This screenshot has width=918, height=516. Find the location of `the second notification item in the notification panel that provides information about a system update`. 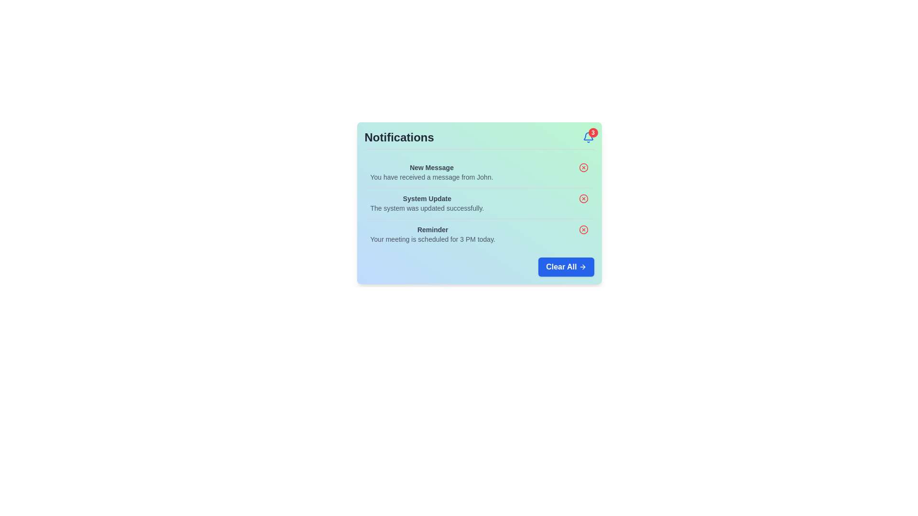

the second notification item in the notification panel that provides information about a system update is located at coordinates (479, 203).